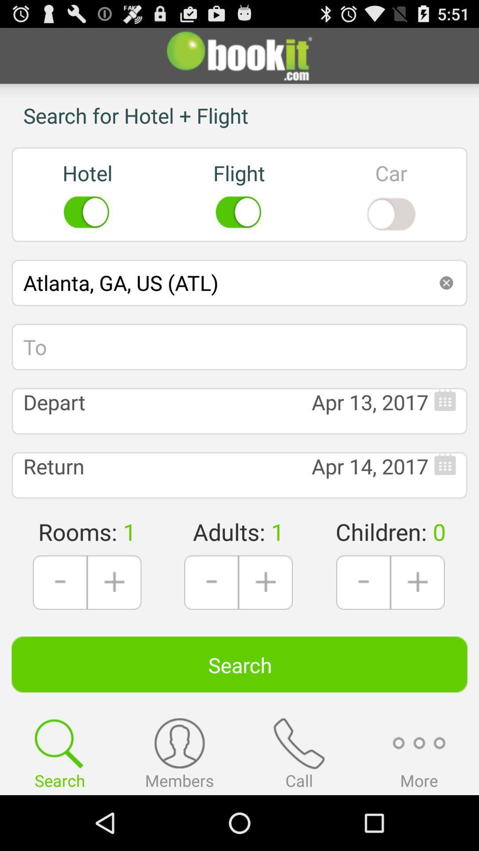 This screenshot has height=851, width=479. I want to click on the add icon, so click(114, 623).